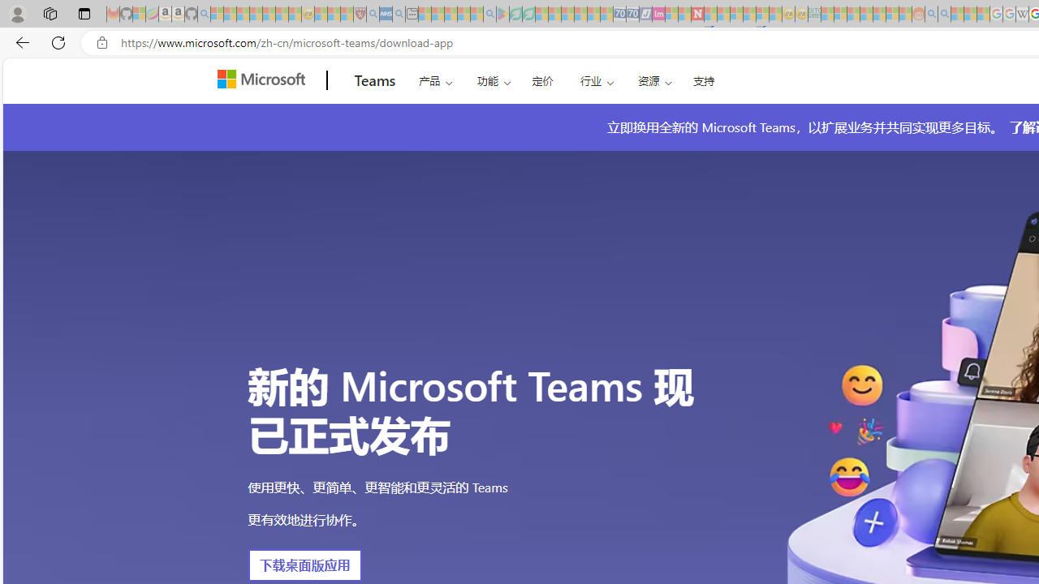  What do you see at coordinates (139, 14) in the screenshot?
I see `'Microsoft-Report a Concern to Bing - Sleeping'` at bounding box center [139, 14].